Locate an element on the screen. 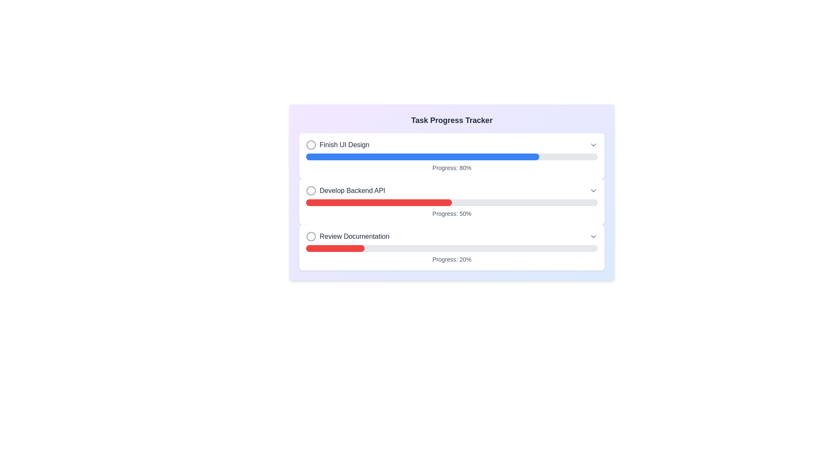 Image resolution: width=814 pixels, height=458 pixels. the text label for the first task in the task progress tracker, which is positioned to the right of a circular icon at the top of the list is located at coordinates (344, 145).